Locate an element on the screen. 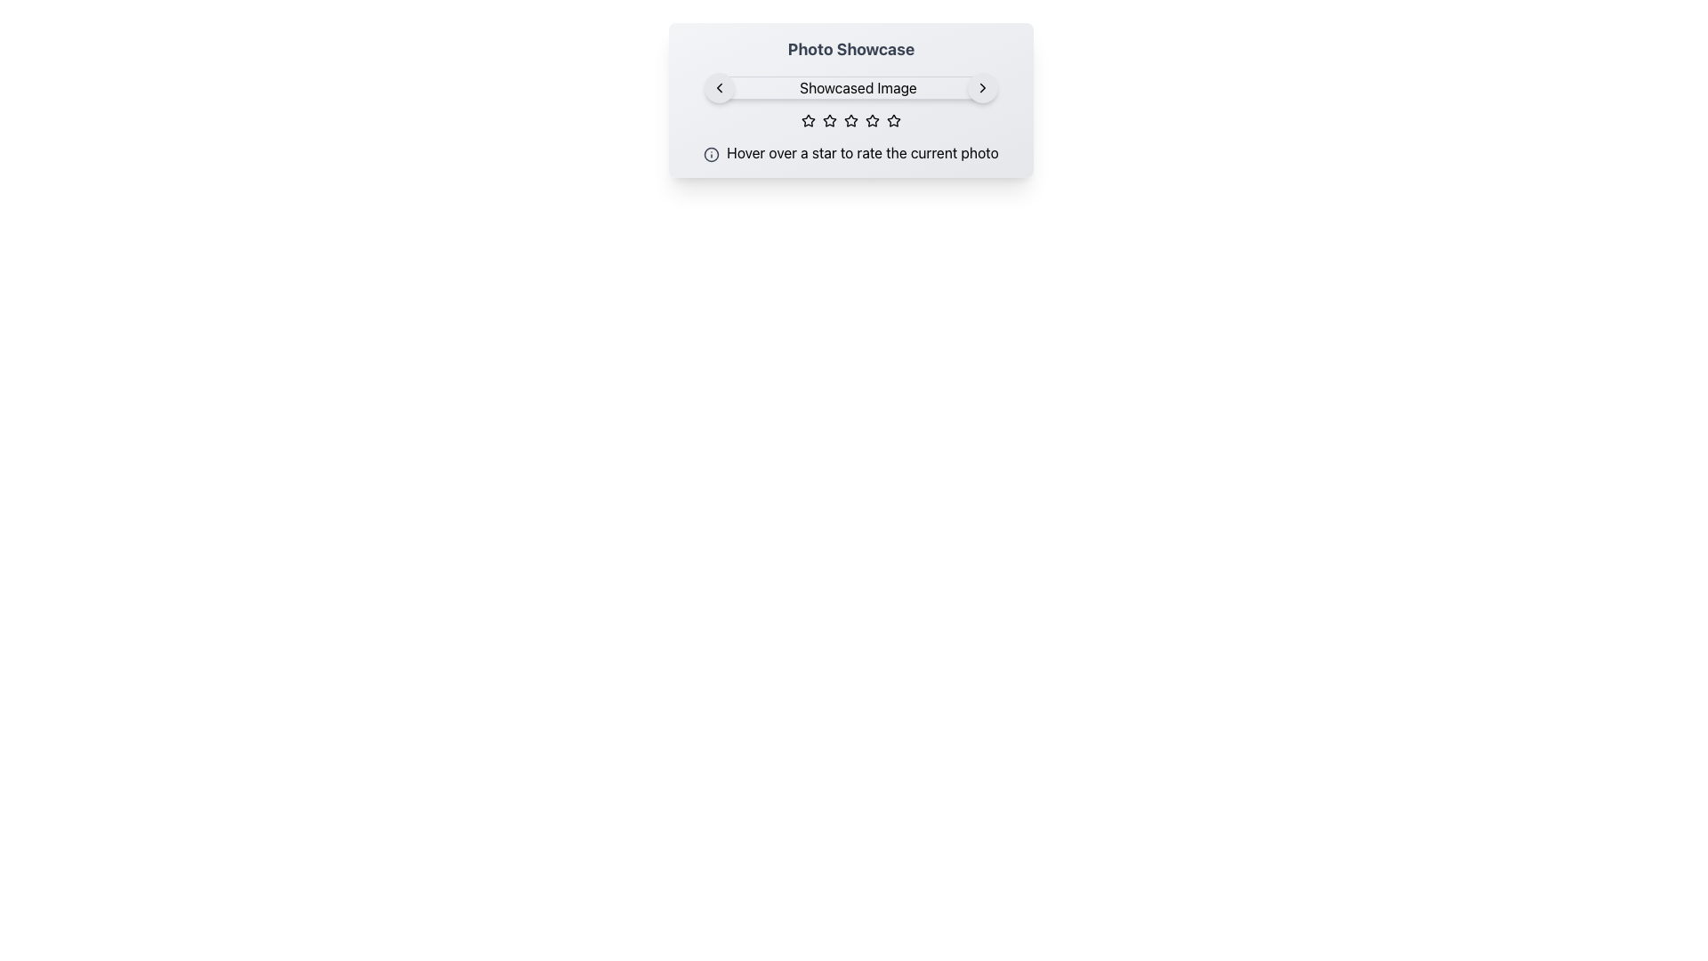 Image resolution: width=1708 pixels, height=961 pixels. the circular button with a left-pointing chevron icon, which is styled with a gray background and located on the left side of the navigation bar below 'Photo Showcase' is located at coordinates (720, 88).